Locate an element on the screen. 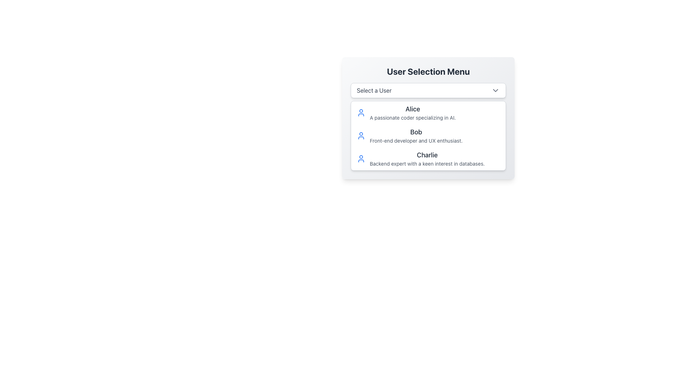 This screenshot has height=388, width=690. the text display component for the user 'Charlie' in the User Selection Menu is located at coordinates (427, 158).